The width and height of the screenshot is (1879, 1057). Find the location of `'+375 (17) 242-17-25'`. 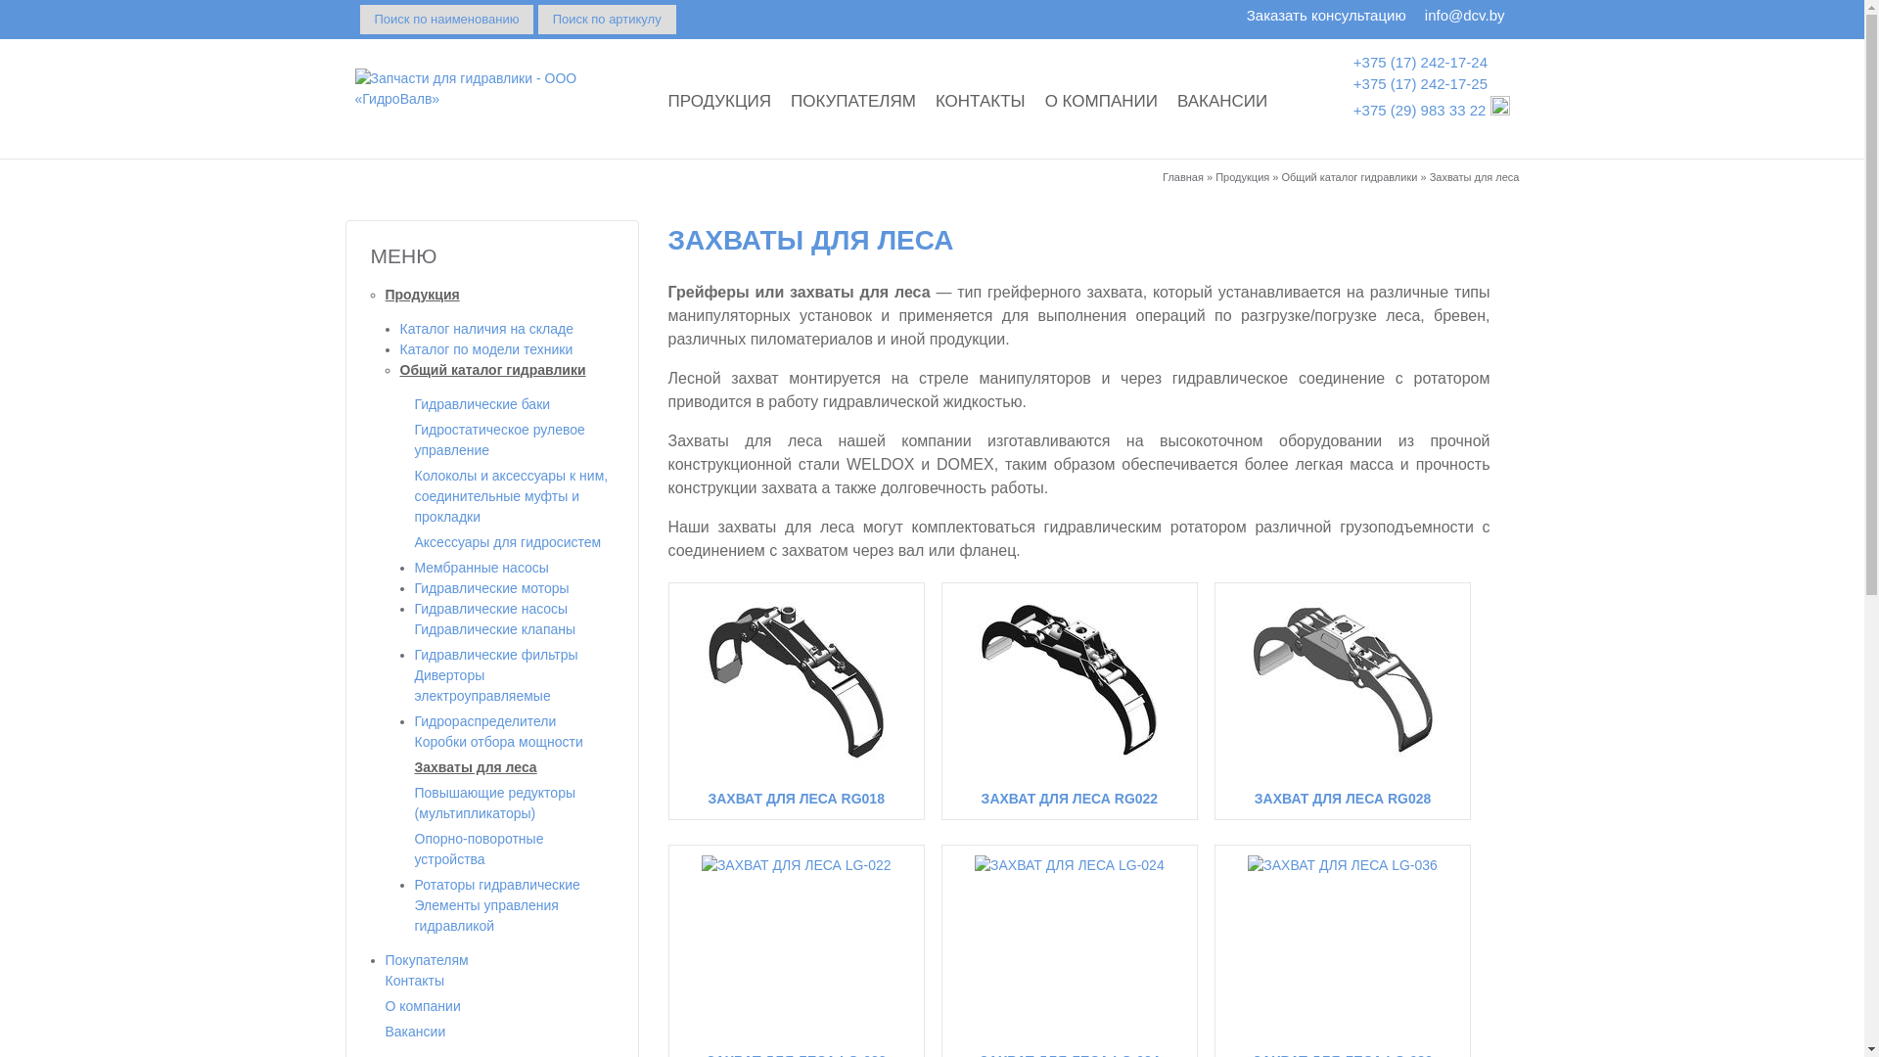

'+375 (17) 242-17-25' is located at coordinates (1420, 82).